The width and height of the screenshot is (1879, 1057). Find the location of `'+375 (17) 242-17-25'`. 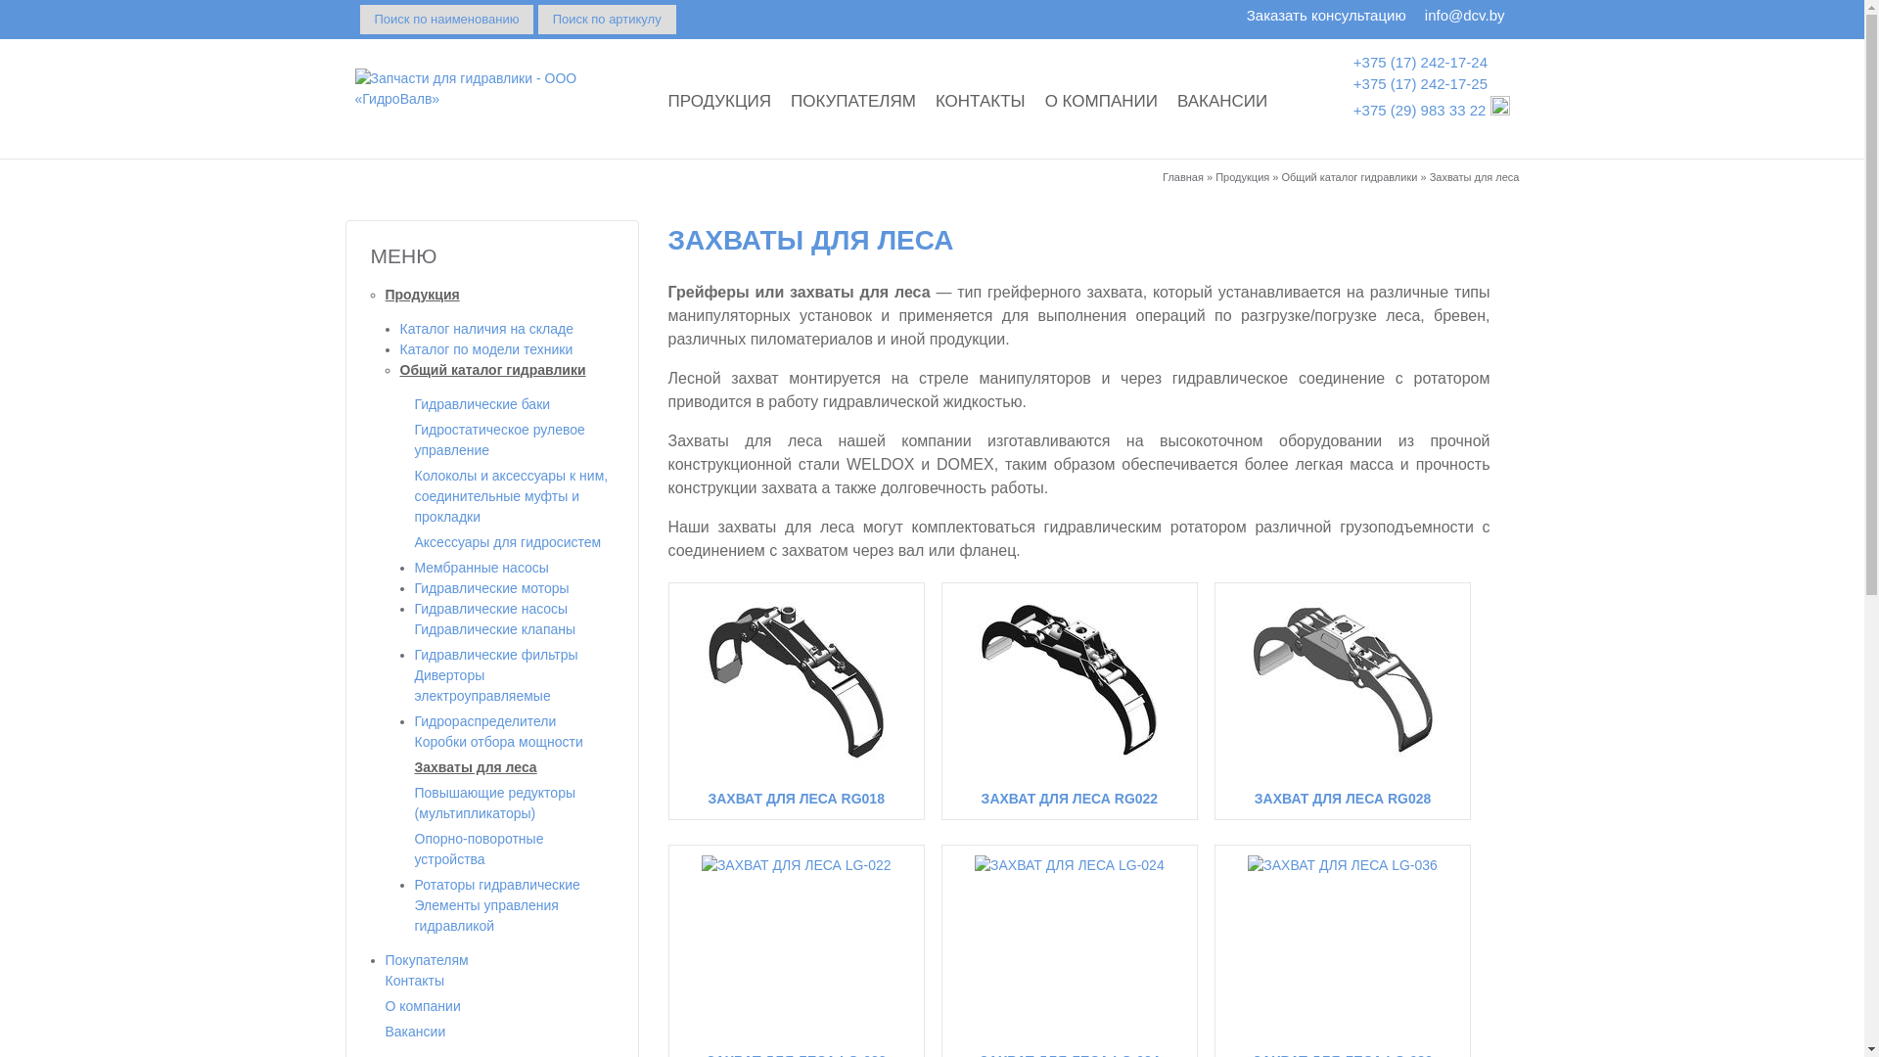

'+375 (17) 242-17-25' is located at coordinates (1420, 82).